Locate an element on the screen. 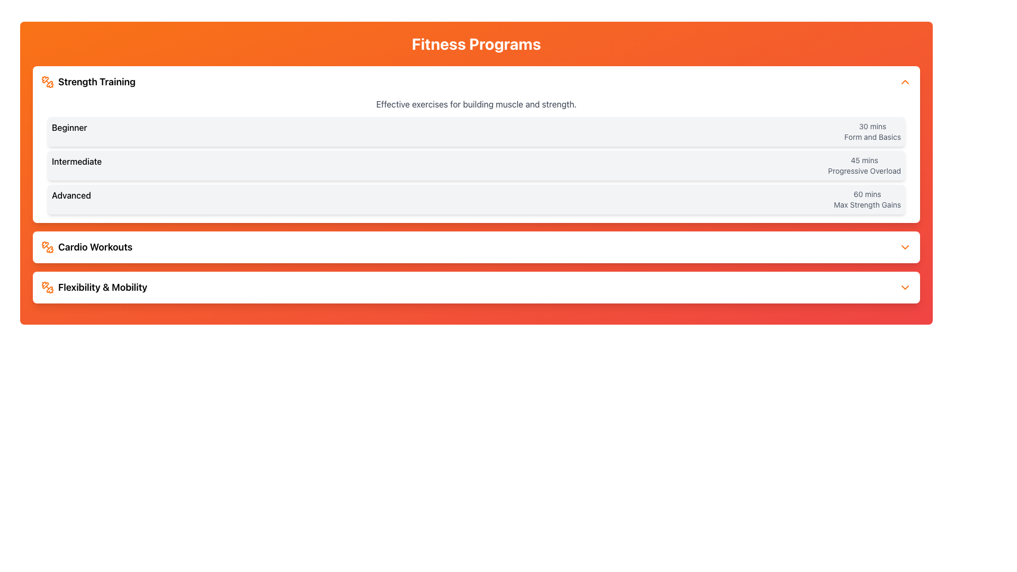 The image size is (1017, 572). the text label displaying '30 mins Form and Basics' located in the upper-right corner of the 'Beginner' card in the 'Strength Training' section is located at coordinates (872, 131).